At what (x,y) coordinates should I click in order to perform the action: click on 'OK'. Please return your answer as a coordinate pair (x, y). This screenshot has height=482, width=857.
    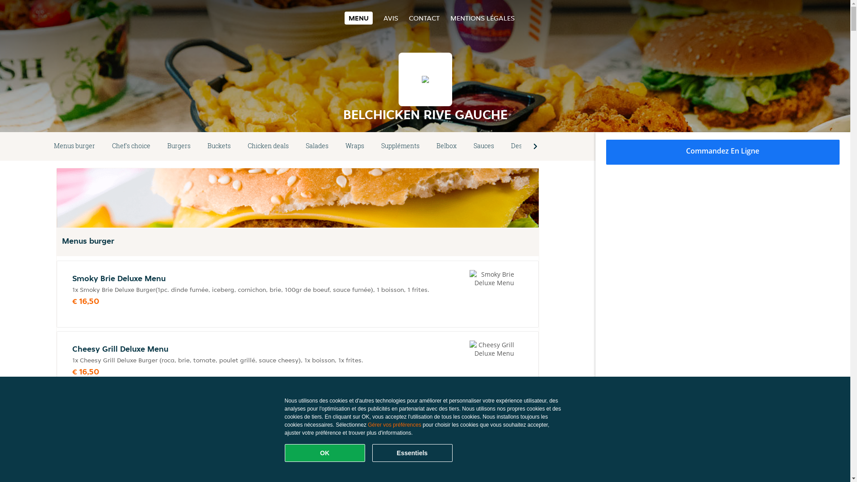
    Looking at the image, I should click on (324, 453).